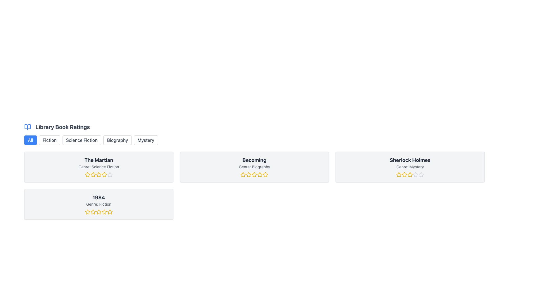 The height and width of the screenshot is (301, 536). I want to click on the text label displaying the title of the book 'Becoming', located at the top-central portion of the card, above the 'Genre: Biography' subtitle, so click(254, 160).